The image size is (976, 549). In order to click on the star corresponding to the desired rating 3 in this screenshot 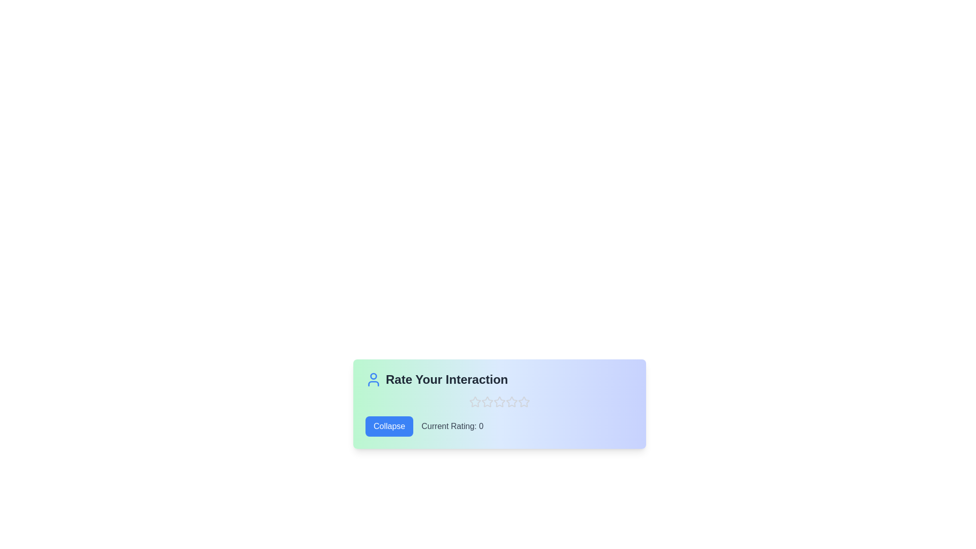, I will do `click(500, 401)`.